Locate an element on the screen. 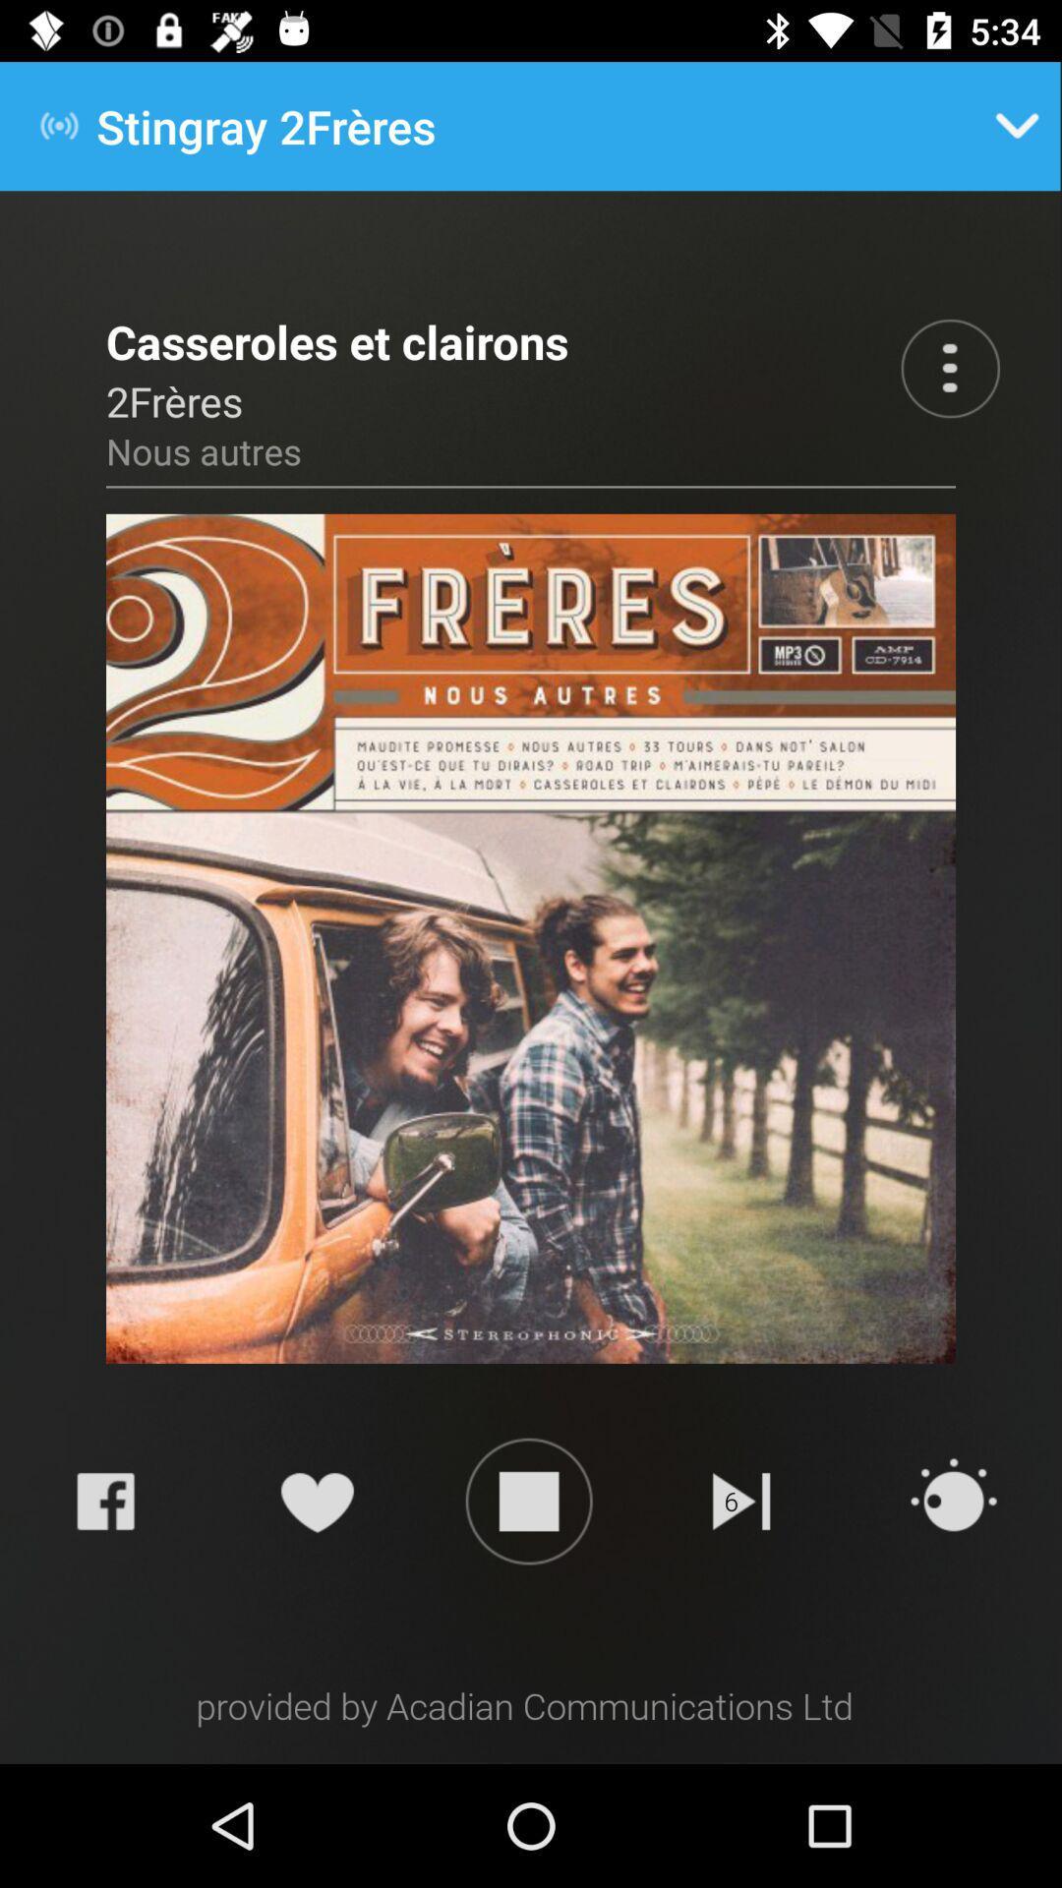  the facebook icon is located at coordinates (105, 1500).